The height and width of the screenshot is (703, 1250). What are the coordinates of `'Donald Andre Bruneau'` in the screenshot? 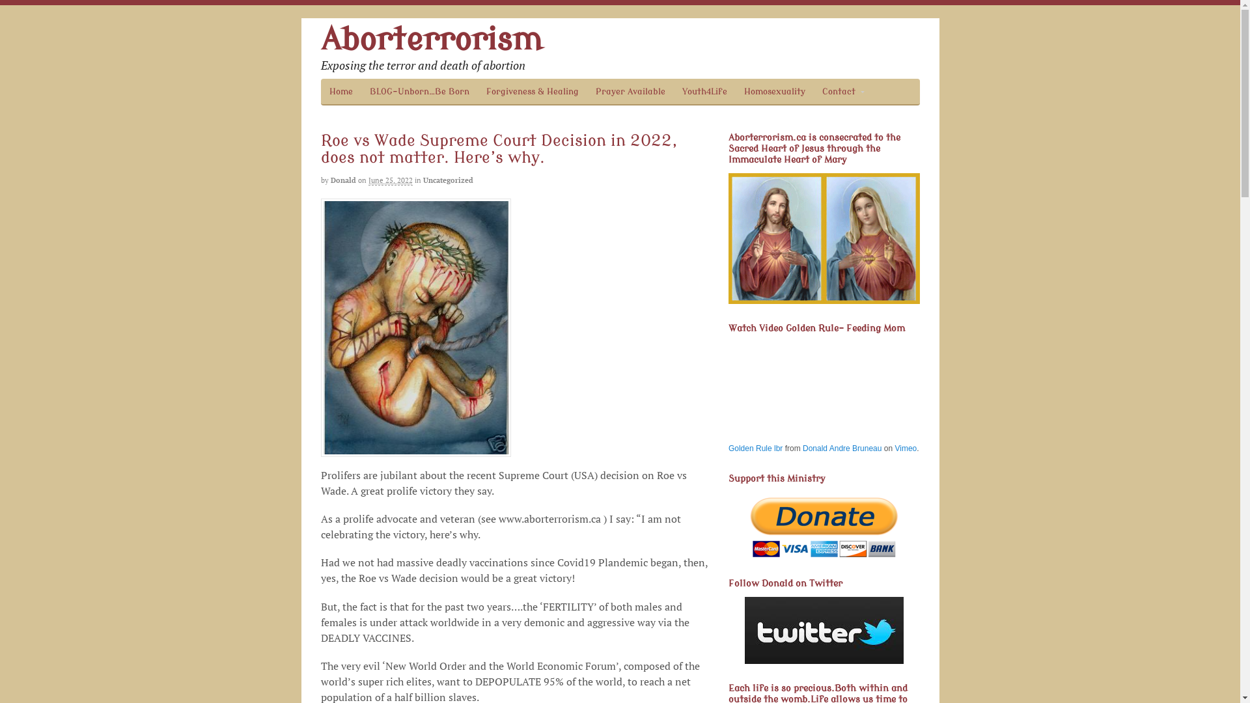 It's located at (842, 448).